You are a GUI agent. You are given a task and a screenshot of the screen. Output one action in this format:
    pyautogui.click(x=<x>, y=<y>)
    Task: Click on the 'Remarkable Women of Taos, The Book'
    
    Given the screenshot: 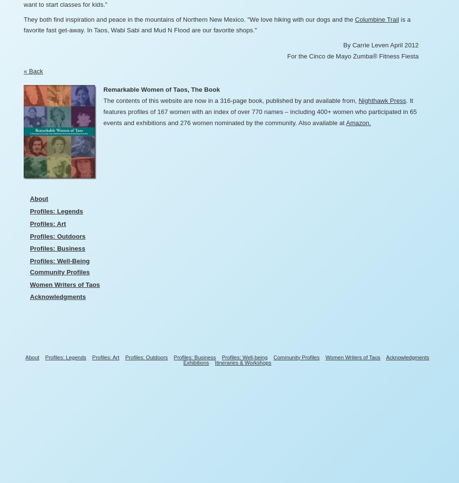 What is the action you would take?
    pyautogui.click(x=161, y=89)
    